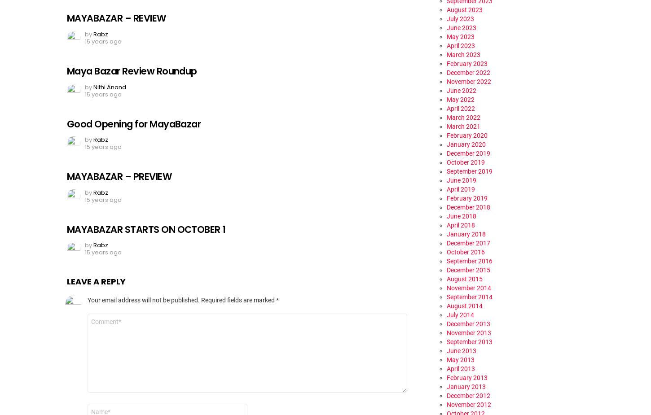 The width and height of the screenshot is (651, 415). What do you see at coordinates (446, 386) in the screenshot?
I see `'January 2013'` at bounding box center [446, 386].